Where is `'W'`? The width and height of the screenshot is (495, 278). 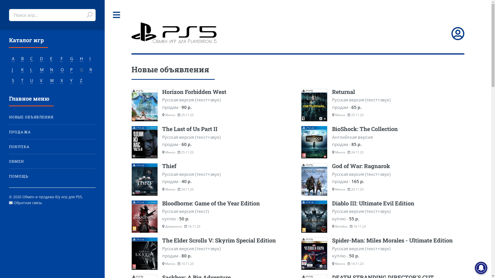
'W' is located at coordinates (52, 81).